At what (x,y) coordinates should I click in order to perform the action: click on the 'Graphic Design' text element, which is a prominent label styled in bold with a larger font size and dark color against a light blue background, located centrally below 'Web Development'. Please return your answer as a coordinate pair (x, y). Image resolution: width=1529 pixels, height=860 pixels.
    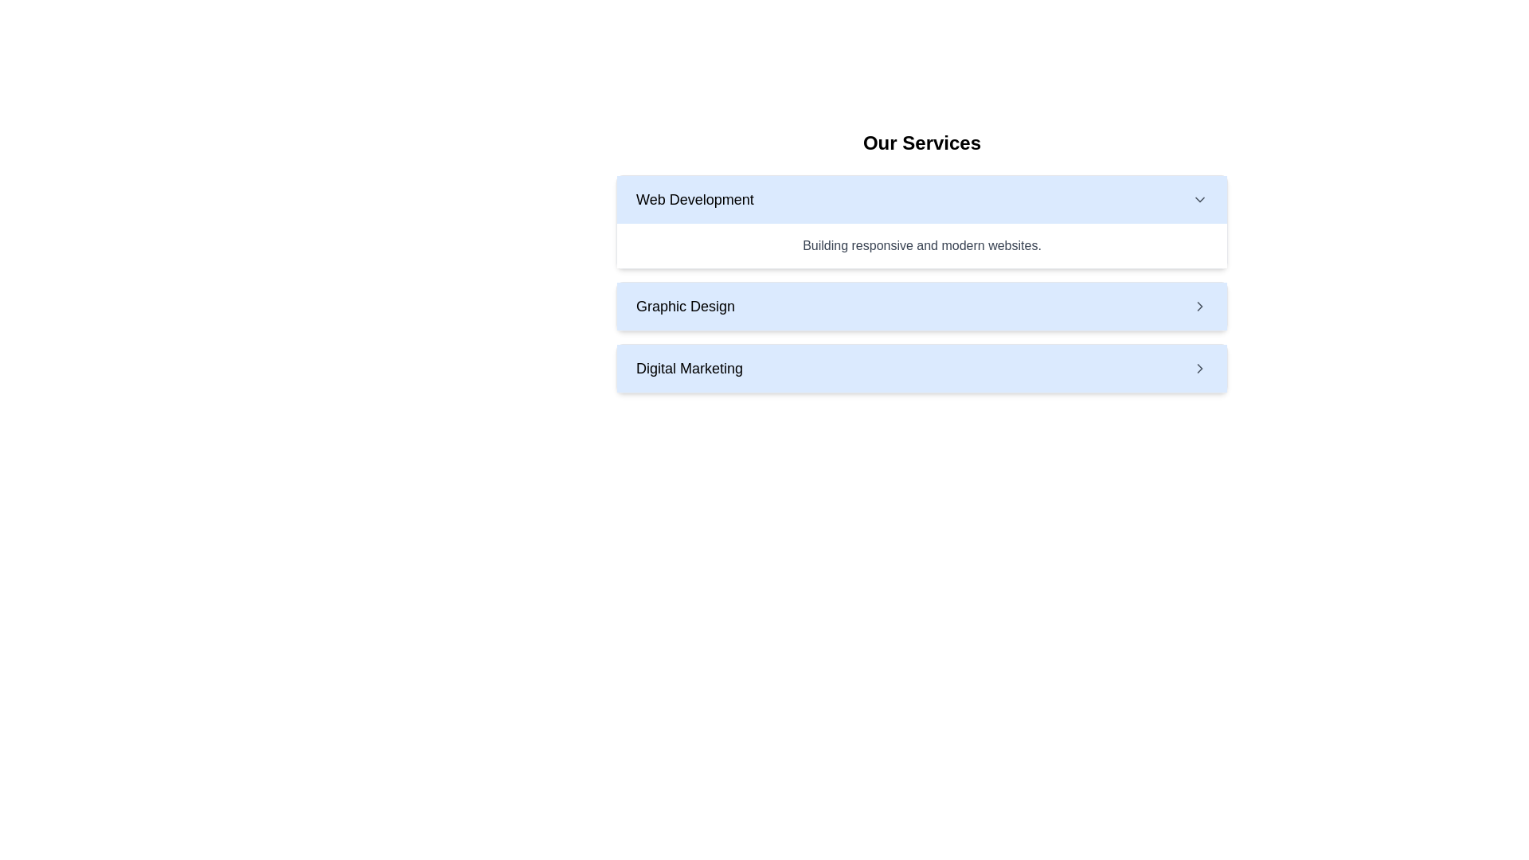
    Looking at the image, I should click on (686, 307).